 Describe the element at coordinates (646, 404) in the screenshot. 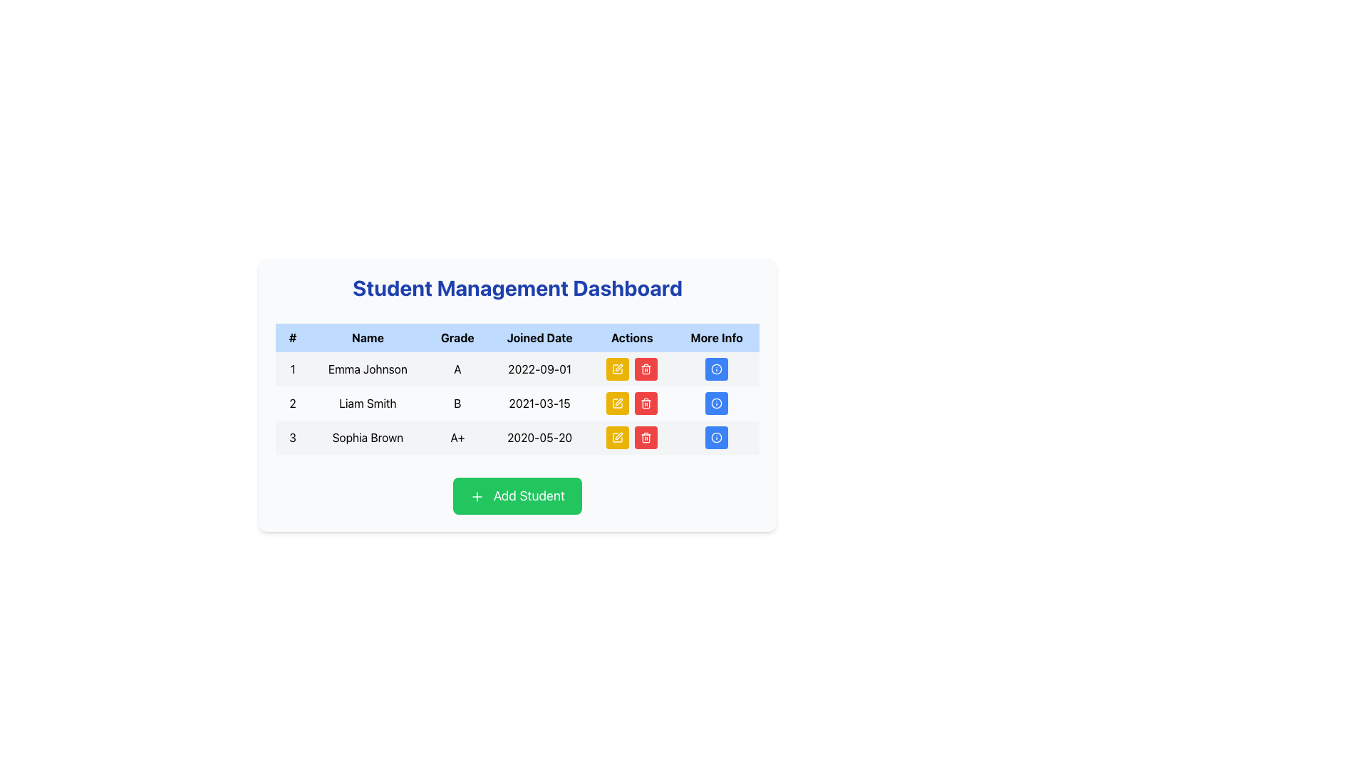

I see `the red button with a white trash can icon located in the 'Actions' column of the second row in the table` at that location.